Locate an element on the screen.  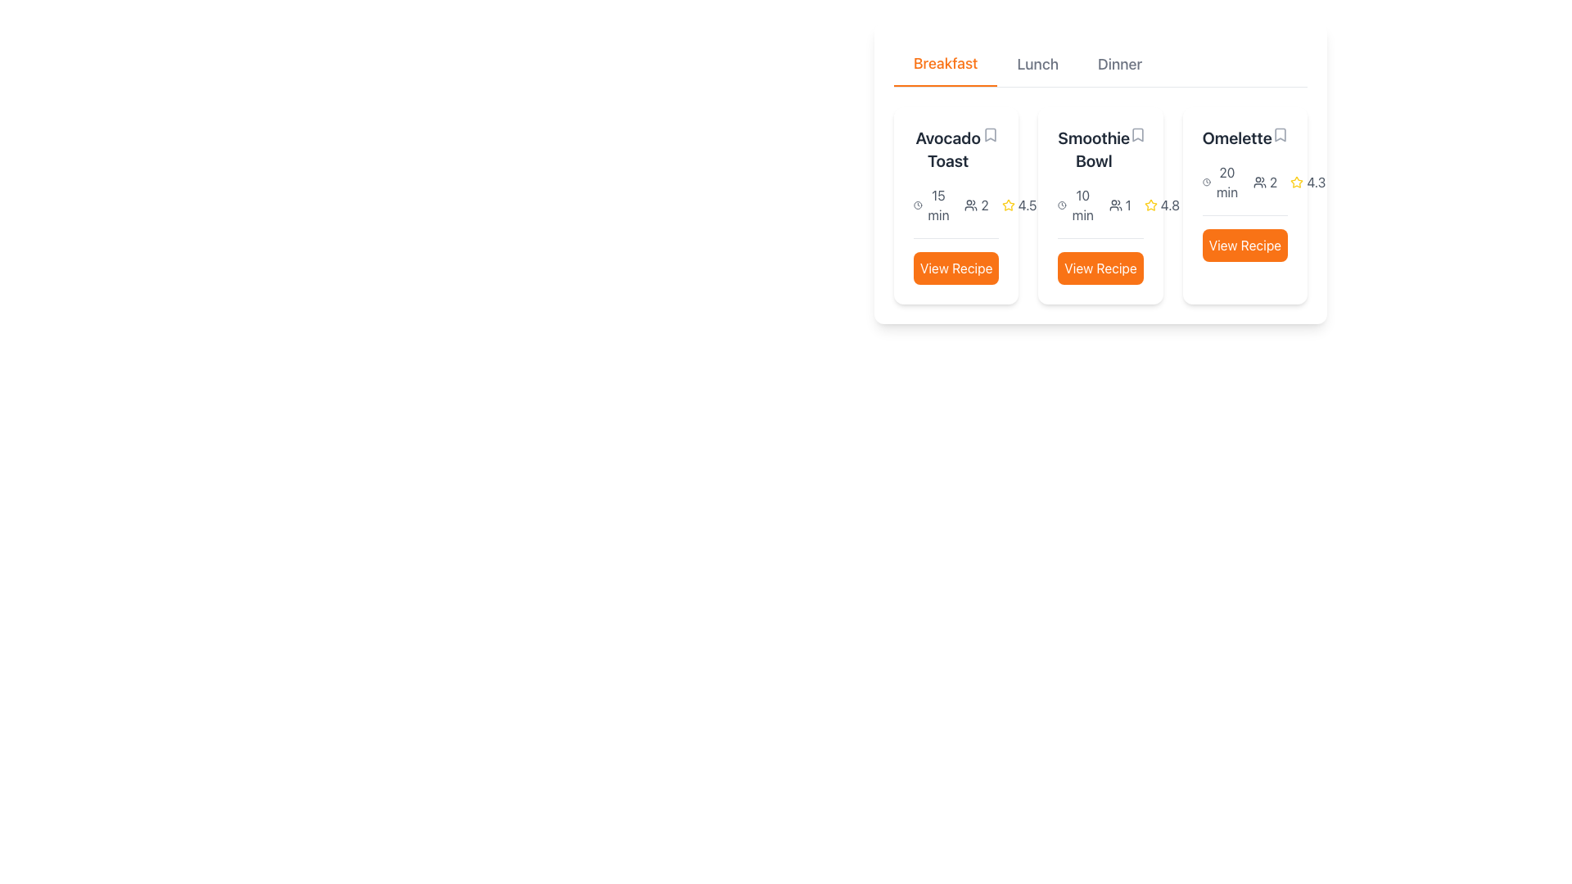
the text element that signifies the number of people or servings associated with the 'Omelette' recipe, which is located below '20 min' and to the left of the rating '4.3' is located at coordinates (1264, 183).